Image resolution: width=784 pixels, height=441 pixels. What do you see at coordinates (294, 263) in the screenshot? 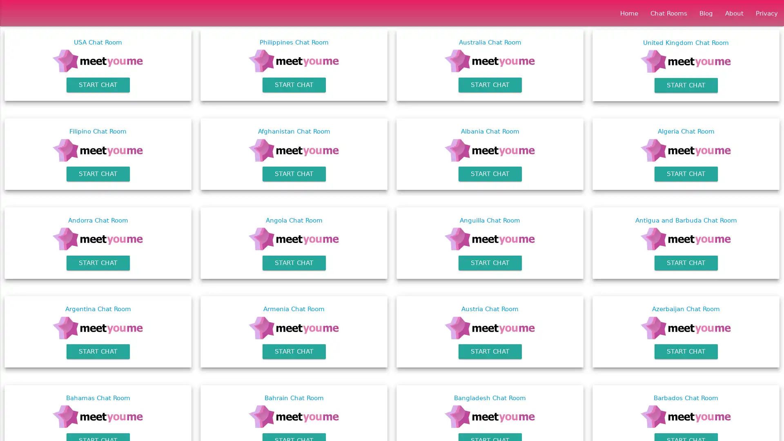
I see `START CHAT` at bounding box center [294, 263].